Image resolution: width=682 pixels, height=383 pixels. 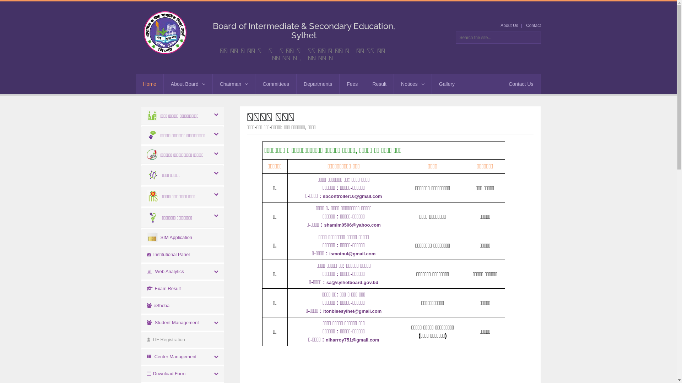 What do you see at coordinates (157, 305) in the screenshot?
I see `'  eSheba'` at bounding box center [157, 305].